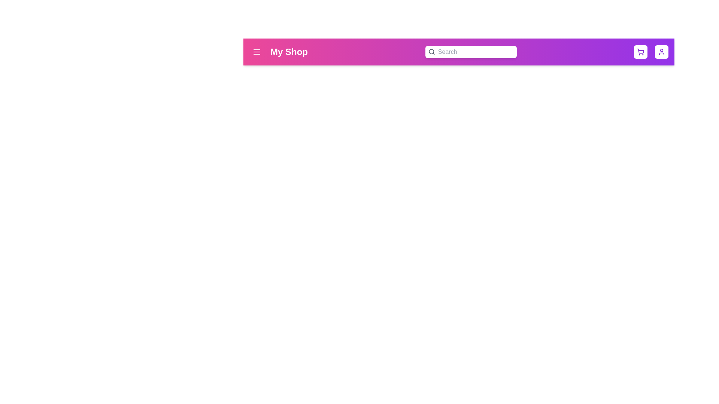 The height and width of the screenshot is (404, 719). What do you see at coordinates (661, 51) in the screenshot?
I see `the user profile button to open profile options` at bounding box center [661, 51].